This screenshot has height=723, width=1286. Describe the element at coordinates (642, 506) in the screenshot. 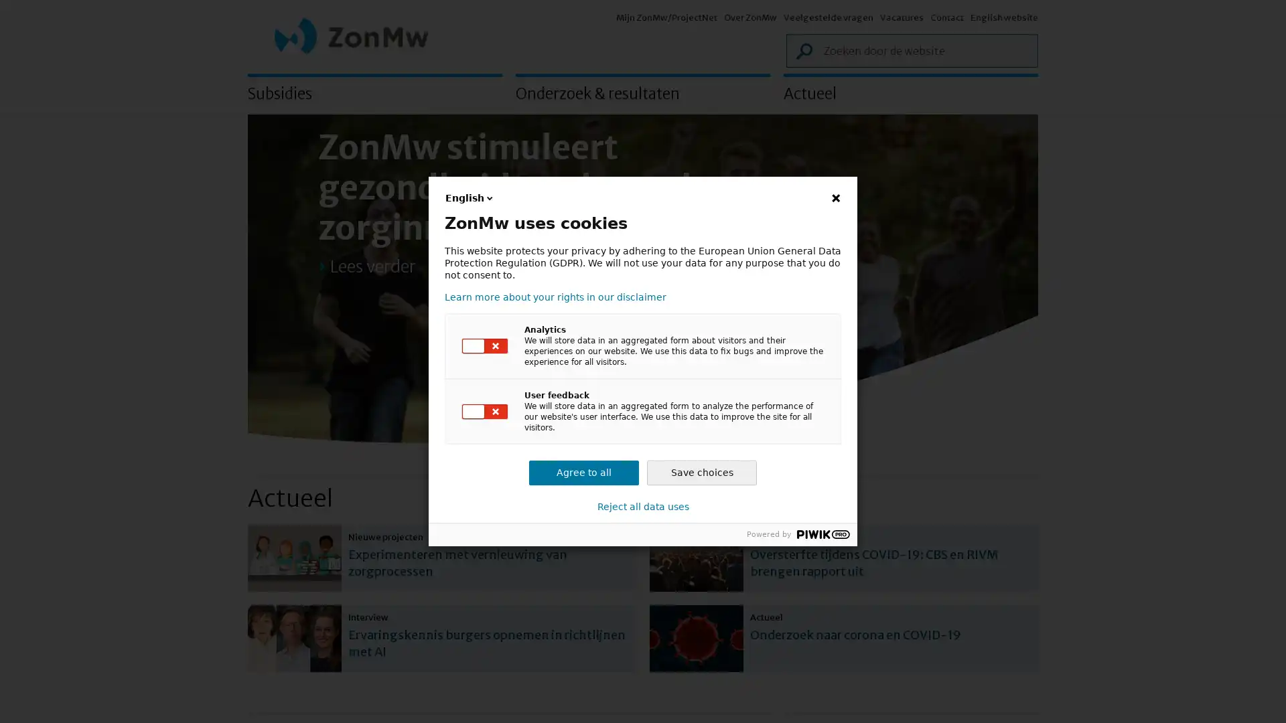

I see `Reject all data uses` at that location.